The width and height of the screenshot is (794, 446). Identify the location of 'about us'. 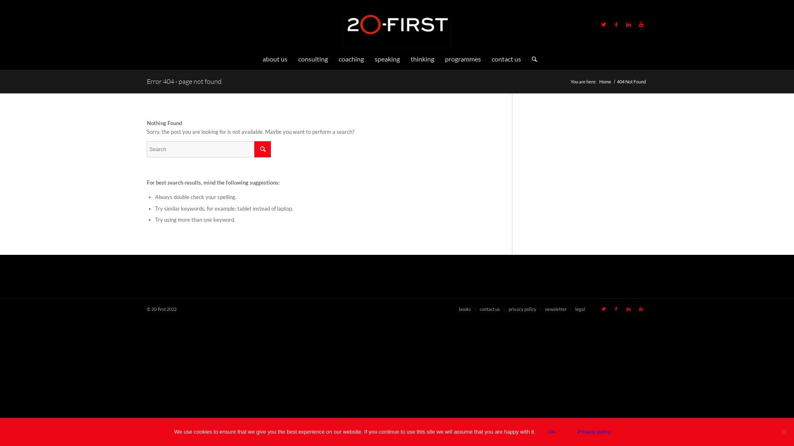
(275, 58).